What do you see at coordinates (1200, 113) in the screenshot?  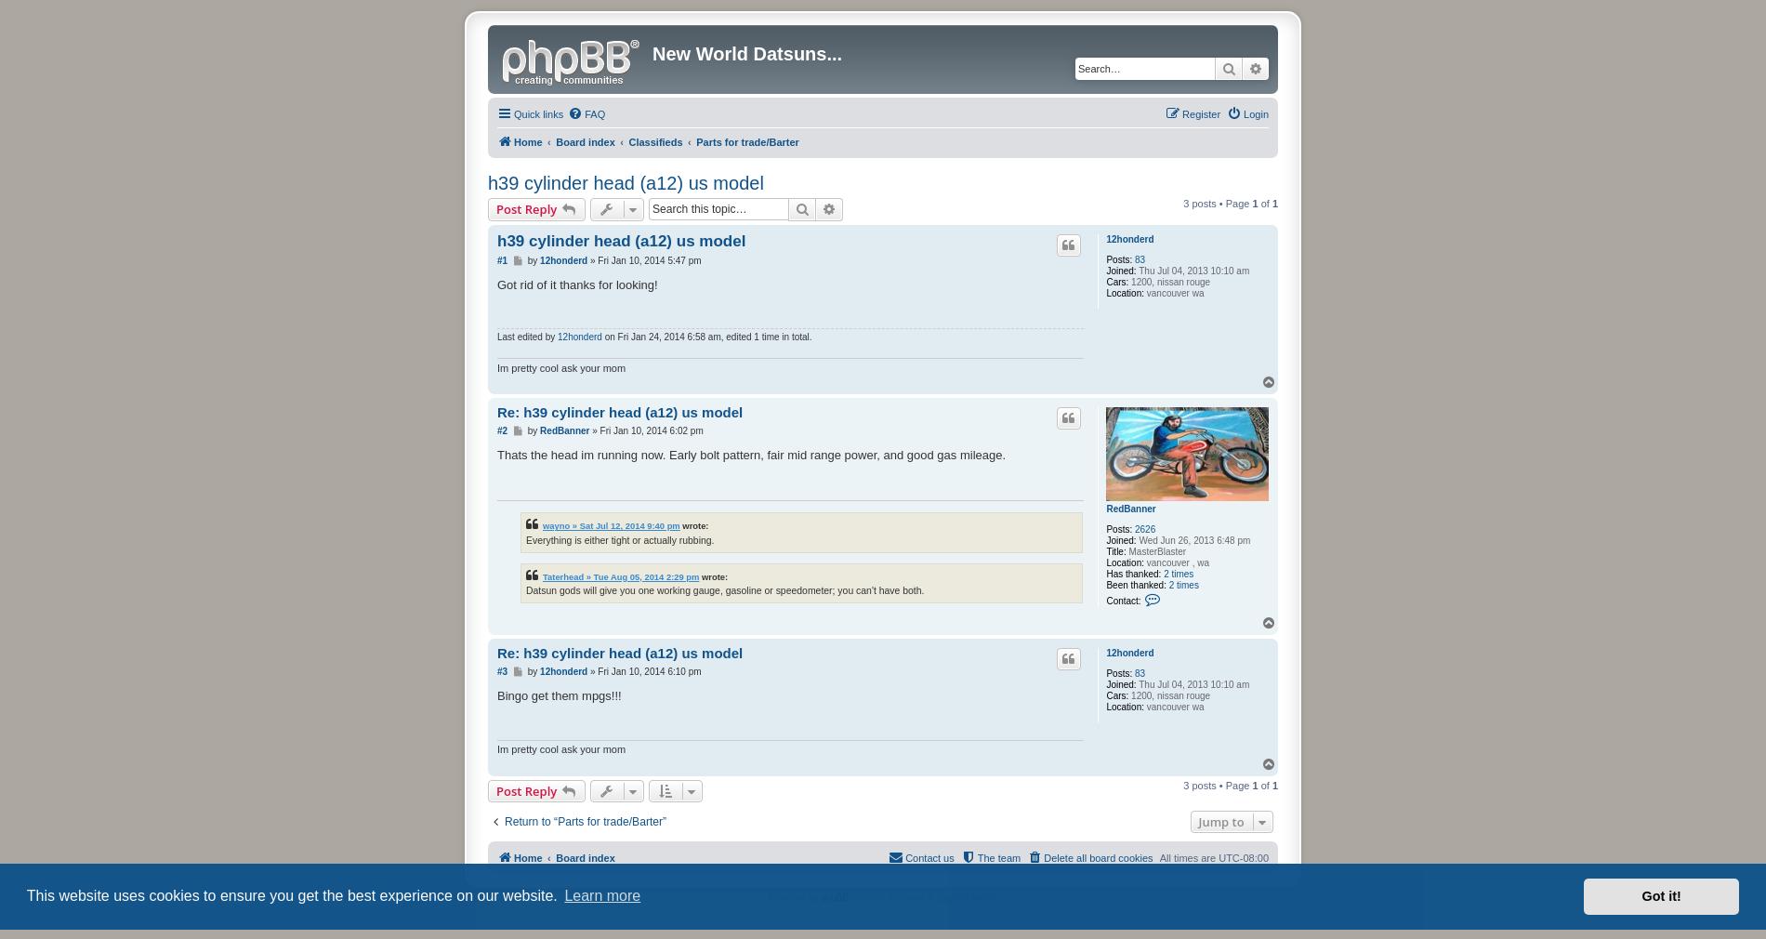 I see `'Register'` at bounding box center [1200, 113].